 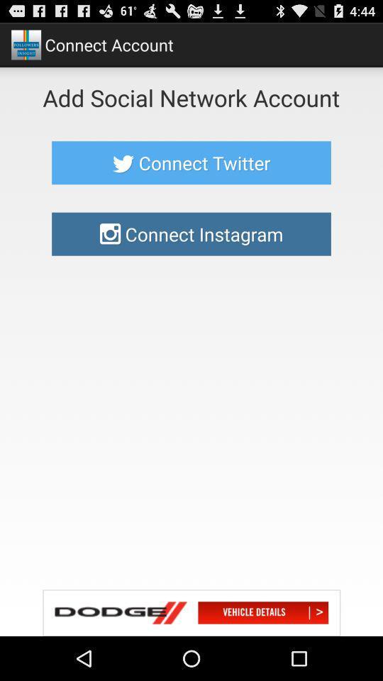 What do you see at coordinates (191, 612) in the screenshot?
I see `advertisement` at bounding box center [191, 612].